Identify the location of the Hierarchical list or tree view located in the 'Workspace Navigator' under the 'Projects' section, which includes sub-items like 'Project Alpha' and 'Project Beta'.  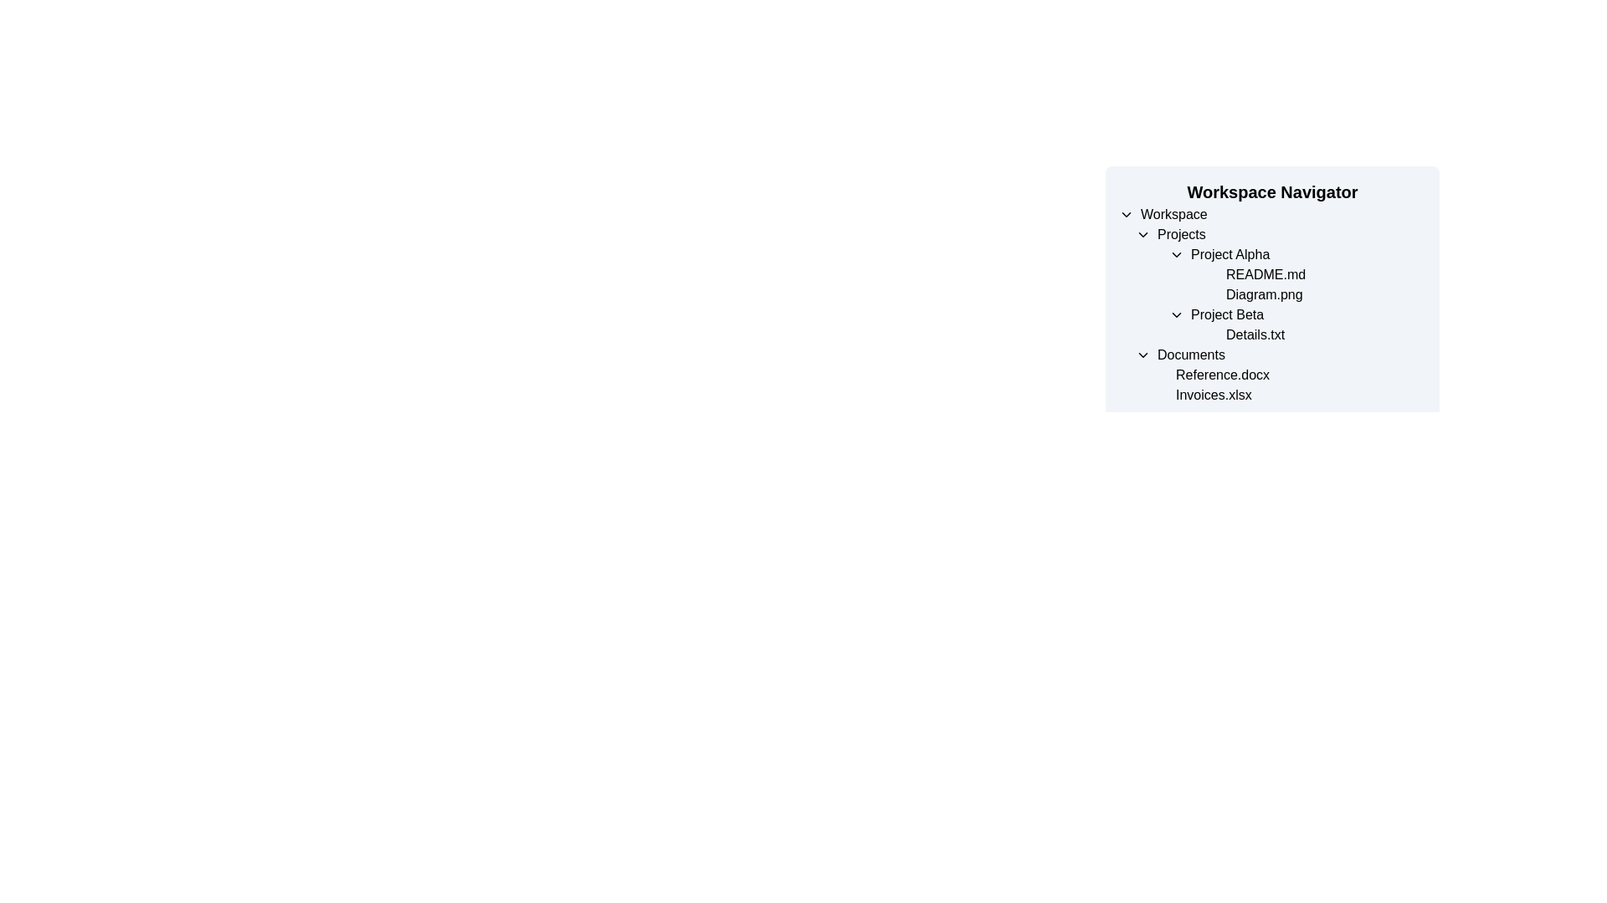
(1272, 283).